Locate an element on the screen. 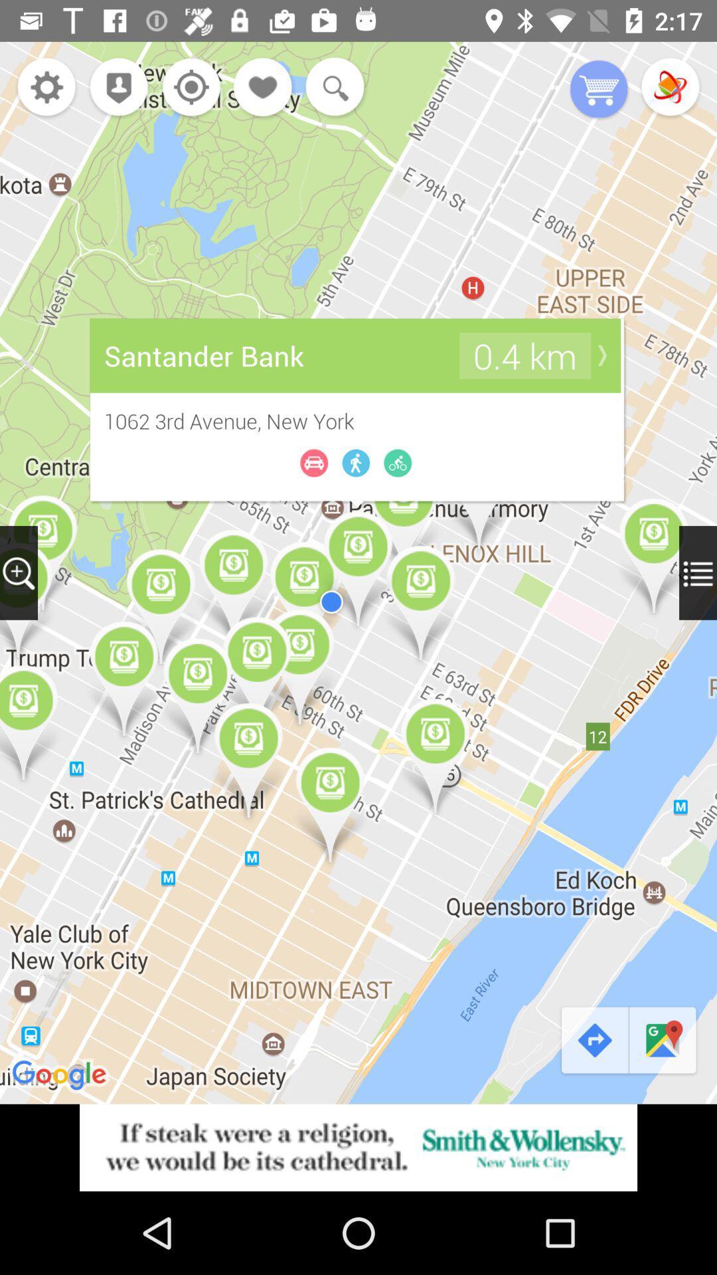 The width and height of the screenshot is (717, 1275). destination to favorites is located at coordinates (264, 88).